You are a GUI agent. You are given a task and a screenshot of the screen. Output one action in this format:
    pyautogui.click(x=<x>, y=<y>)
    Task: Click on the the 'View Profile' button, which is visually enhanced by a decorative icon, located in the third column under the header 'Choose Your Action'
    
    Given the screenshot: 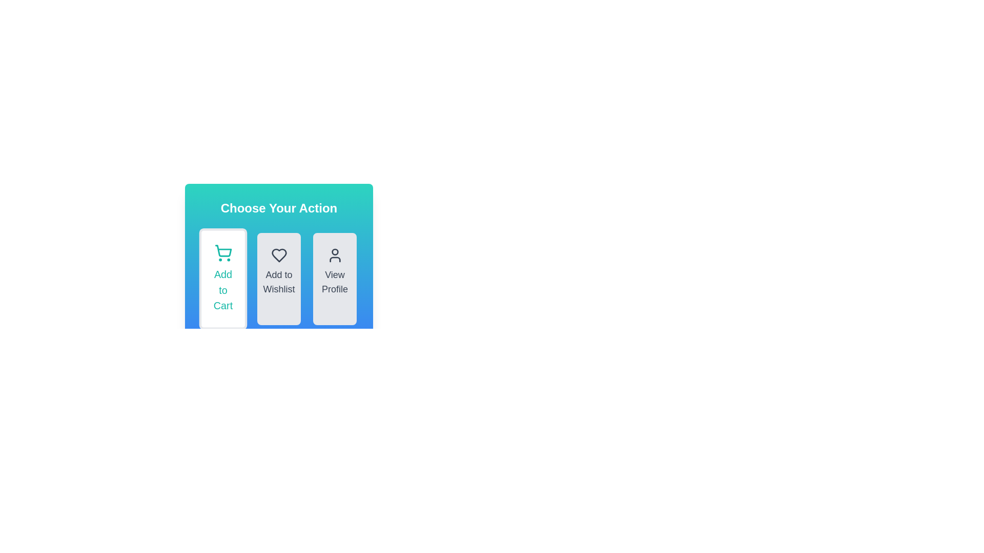 What is the action you would take?
    pyautogui.click(x=335, y=254)
    